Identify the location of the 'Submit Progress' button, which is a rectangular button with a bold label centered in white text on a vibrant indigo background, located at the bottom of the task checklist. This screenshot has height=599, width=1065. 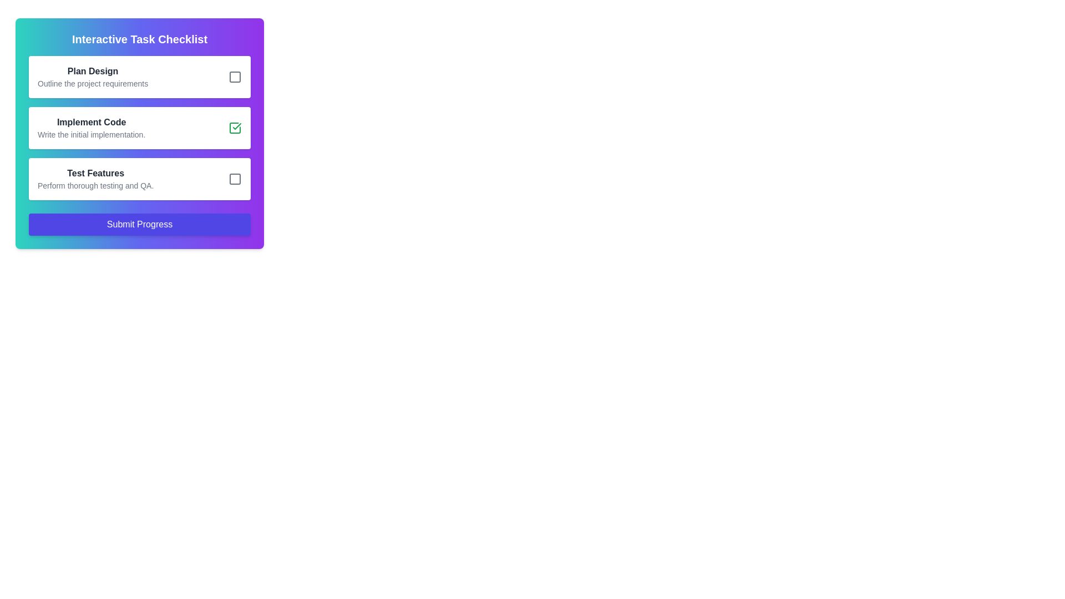
(139, 225).